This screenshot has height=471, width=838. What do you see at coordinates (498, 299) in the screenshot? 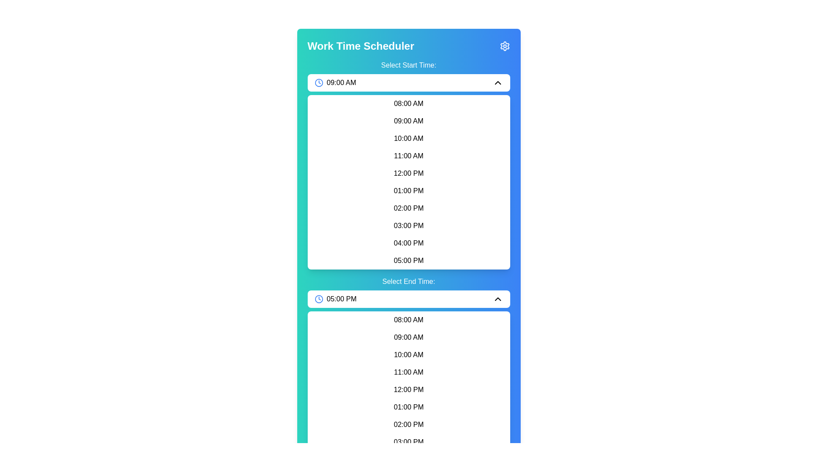
I see `the upward-facing chevron icon located to the right of '05:00 PM' in the 'Select End Time:' section` at bounding box center [498, 299].